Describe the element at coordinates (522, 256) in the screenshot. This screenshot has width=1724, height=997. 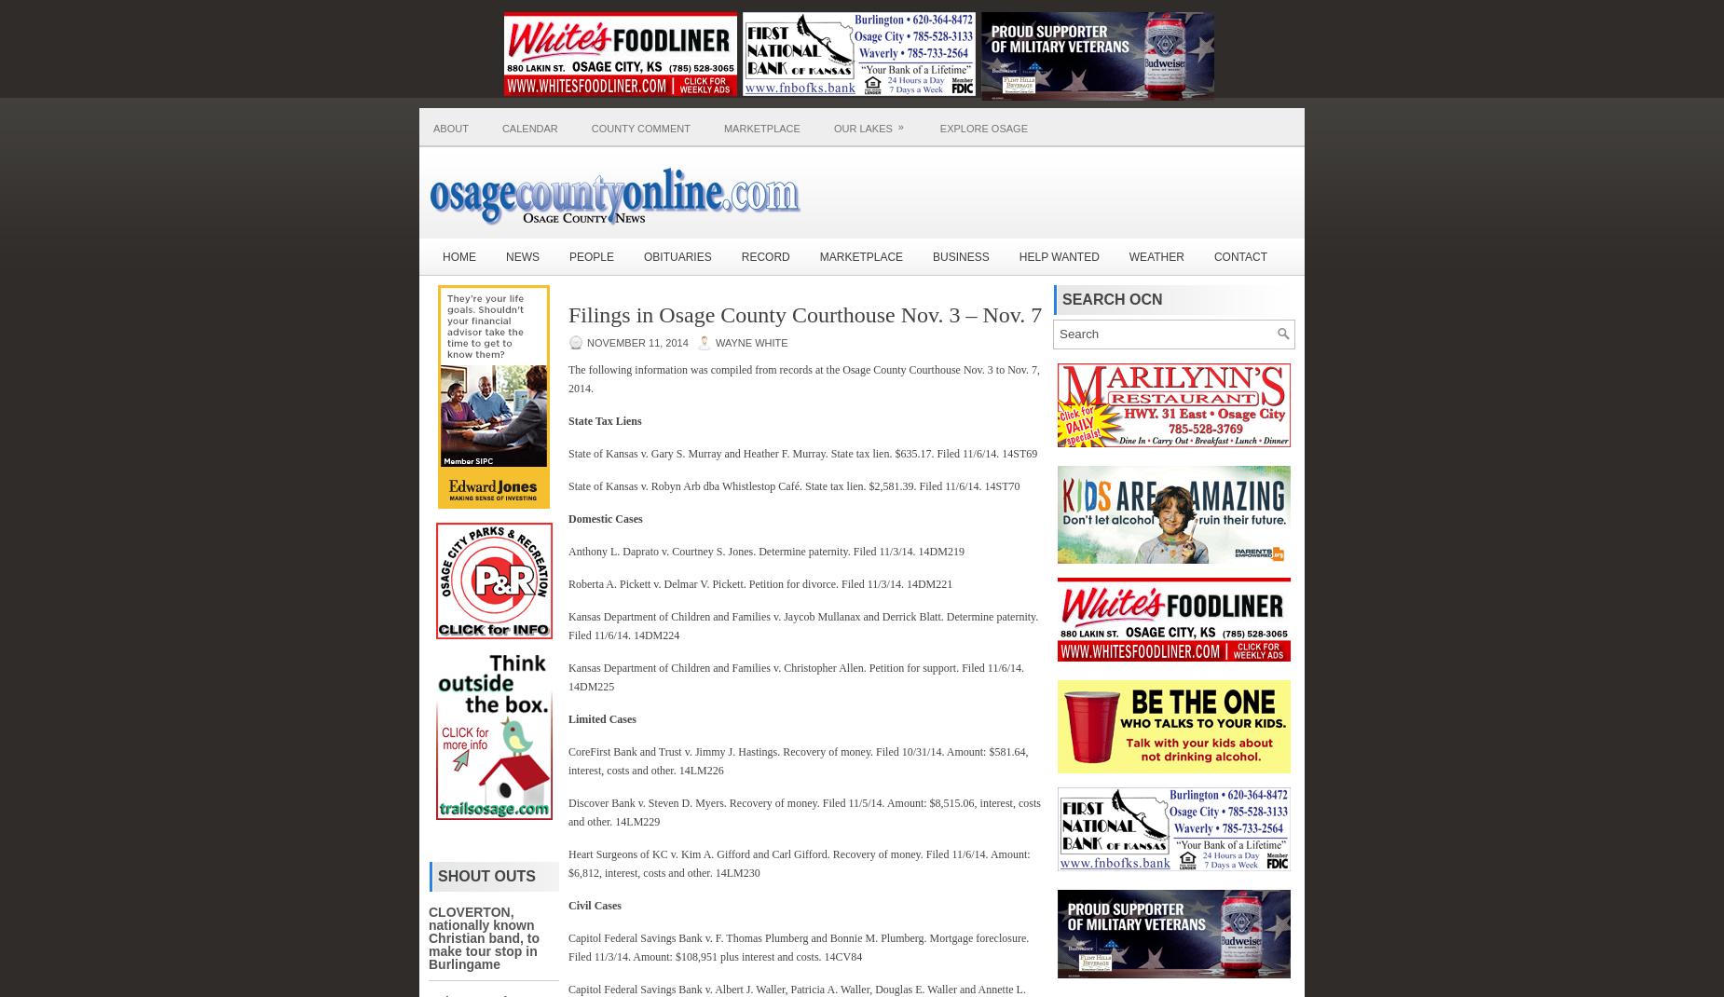
I see `'News'` at that location.